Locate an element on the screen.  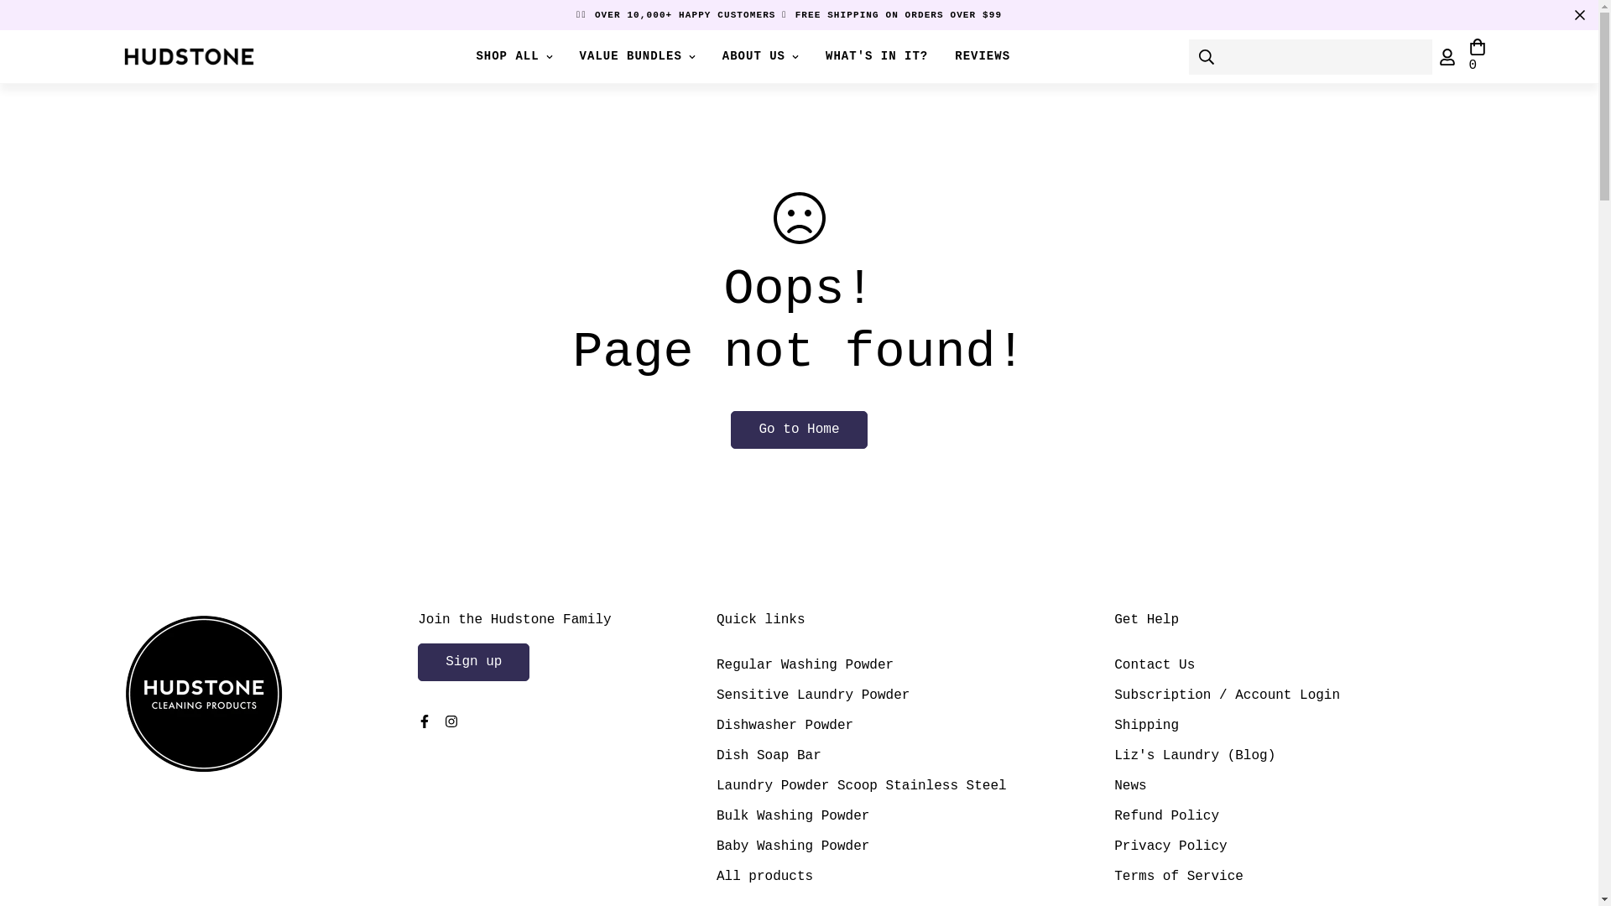
'WHAT'S IN IT?' is located at coordinates (812, 55).